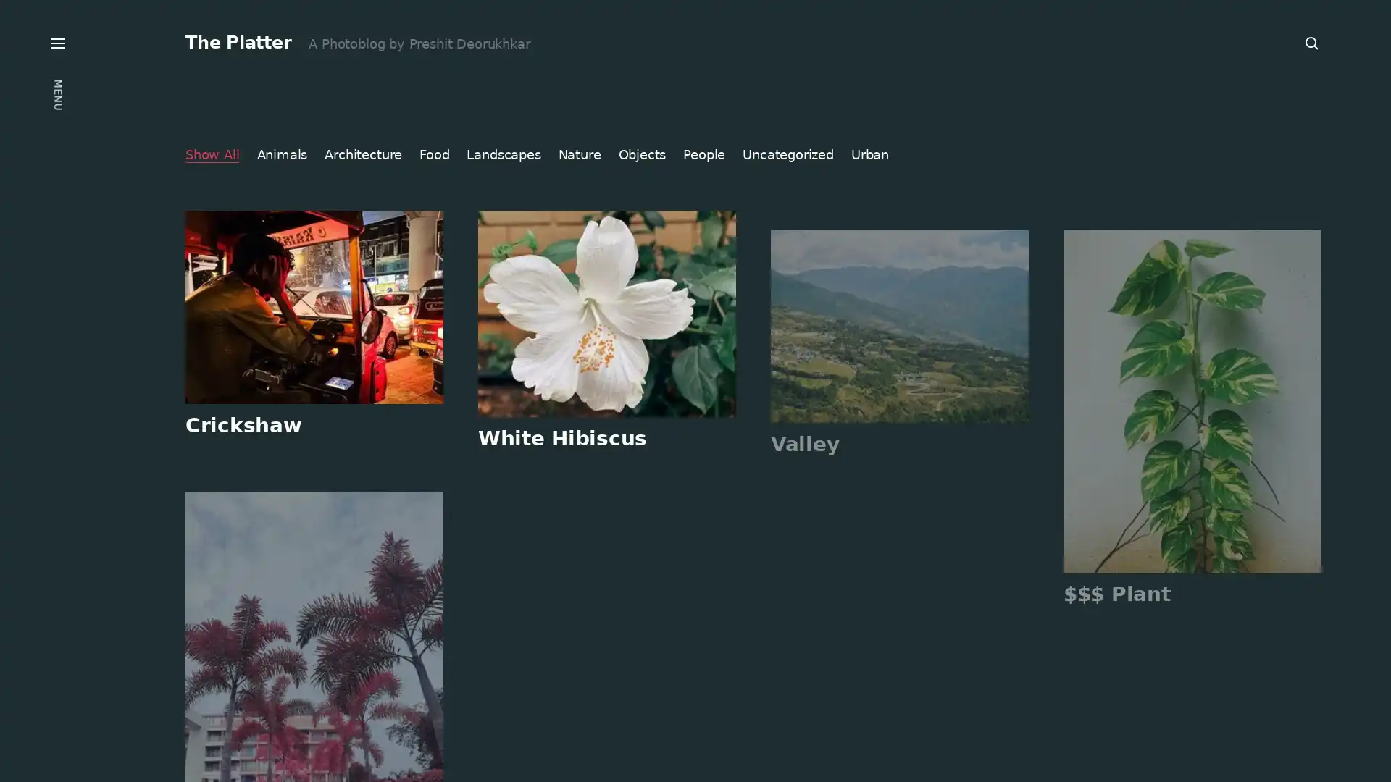 This screenshot has height=782, width=1391. Describe the element at coordinates (1312, 43) in the screenshot. I see `Search` at that location.